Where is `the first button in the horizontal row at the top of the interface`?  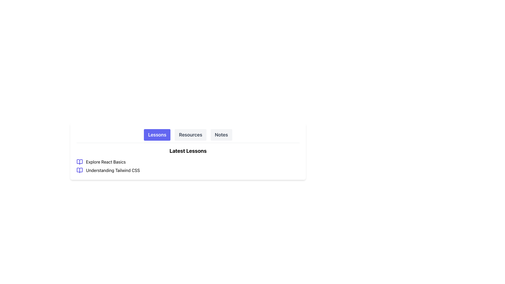
the first button in the horizontal row at the top of the interface is located at coordinates (157, 135).